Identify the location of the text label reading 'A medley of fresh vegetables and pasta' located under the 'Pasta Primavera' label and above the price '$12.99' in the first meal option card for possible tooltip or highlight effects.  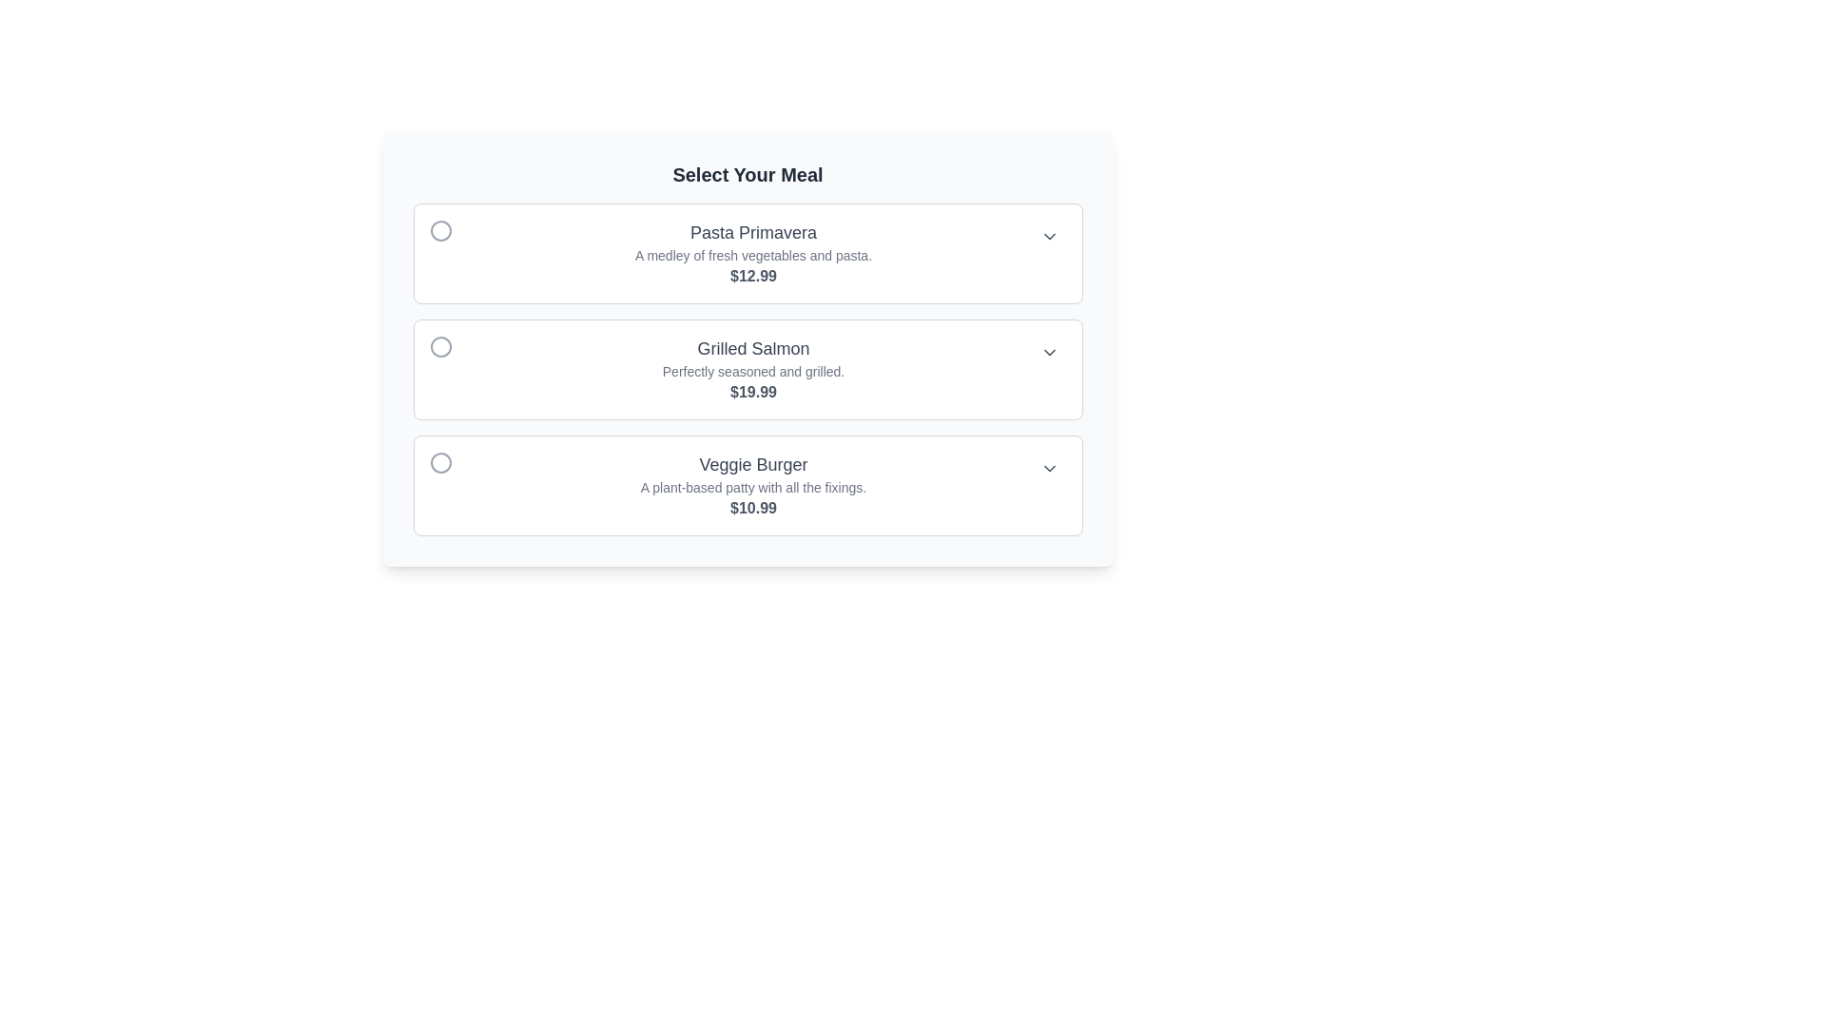
(752, 255).